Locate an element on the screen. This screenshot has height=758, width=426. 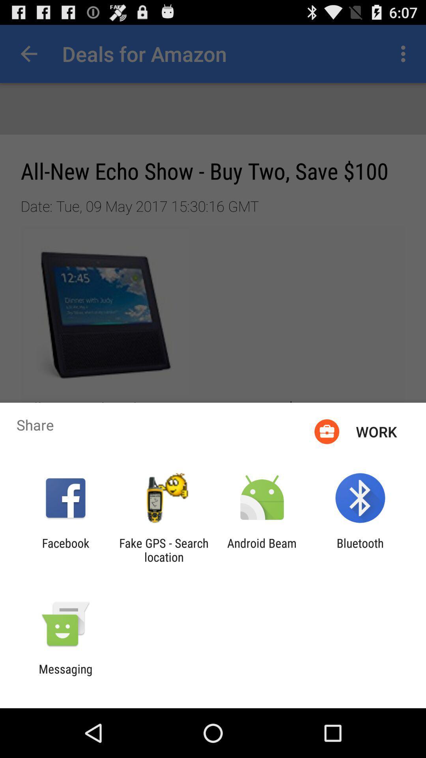
the app to the left of fake gps search item is located at coordinates (65, 550).